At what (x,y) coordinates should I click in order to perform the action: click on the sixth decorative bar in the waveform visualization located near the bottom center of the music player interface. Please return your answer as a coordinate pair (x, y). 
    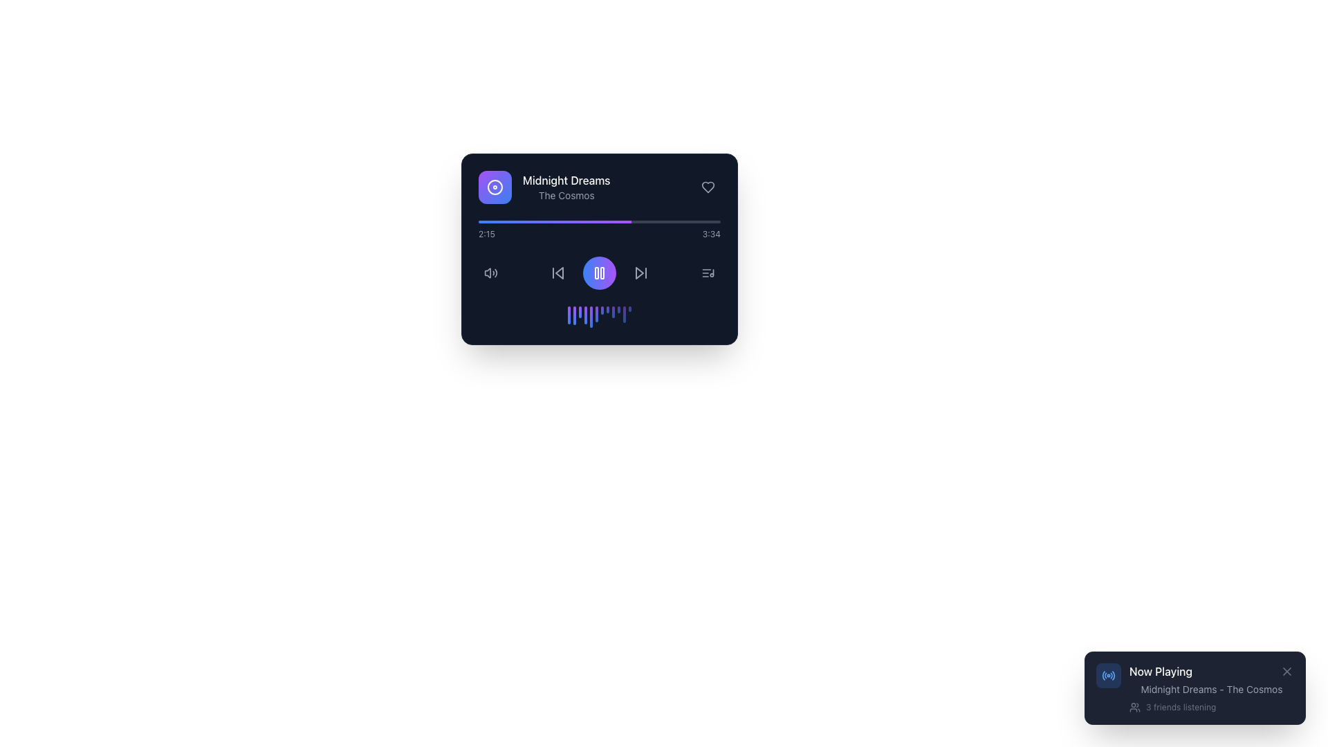
    Looking at the image, I should click on (597, 314).